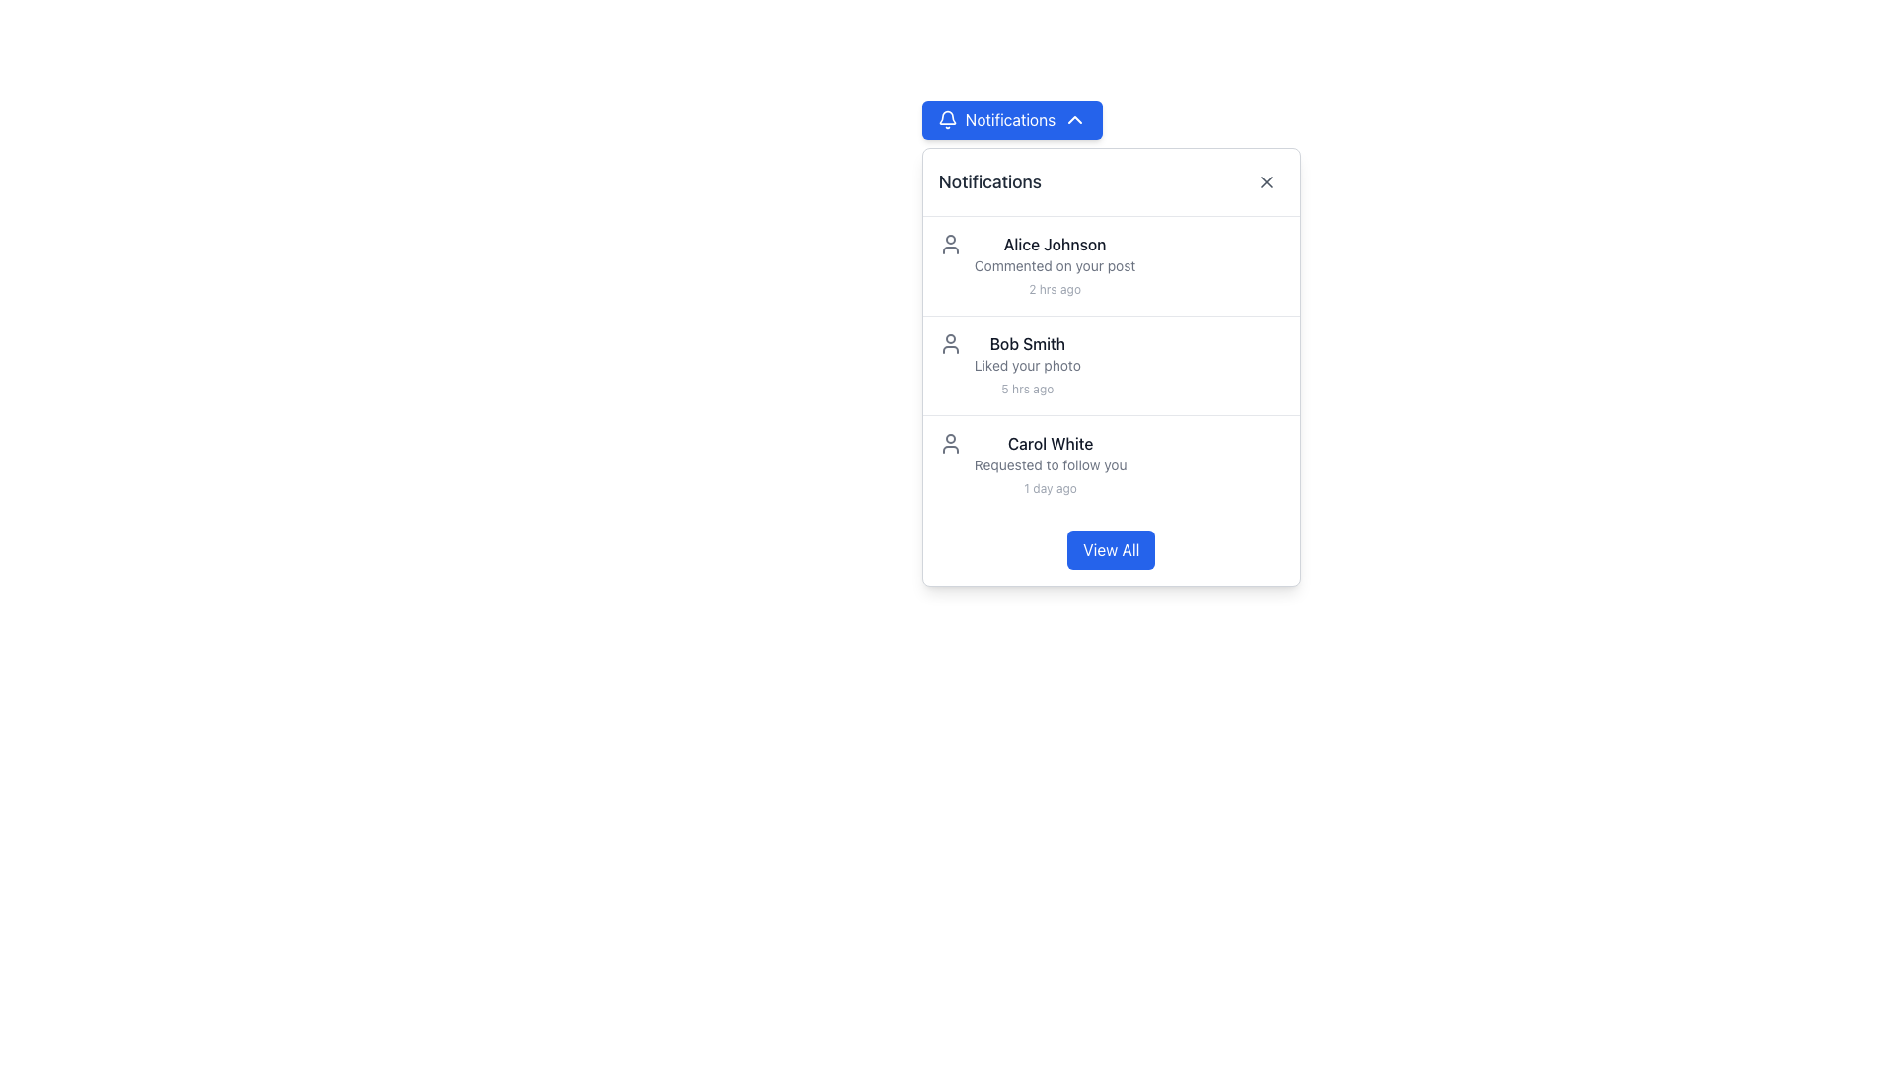  What do you see at coordinates (1012, 120) in the screenshot?
I see `the blue notification button labeled 'Notifications' with a bell icon` at bounding box center [1012, 120].